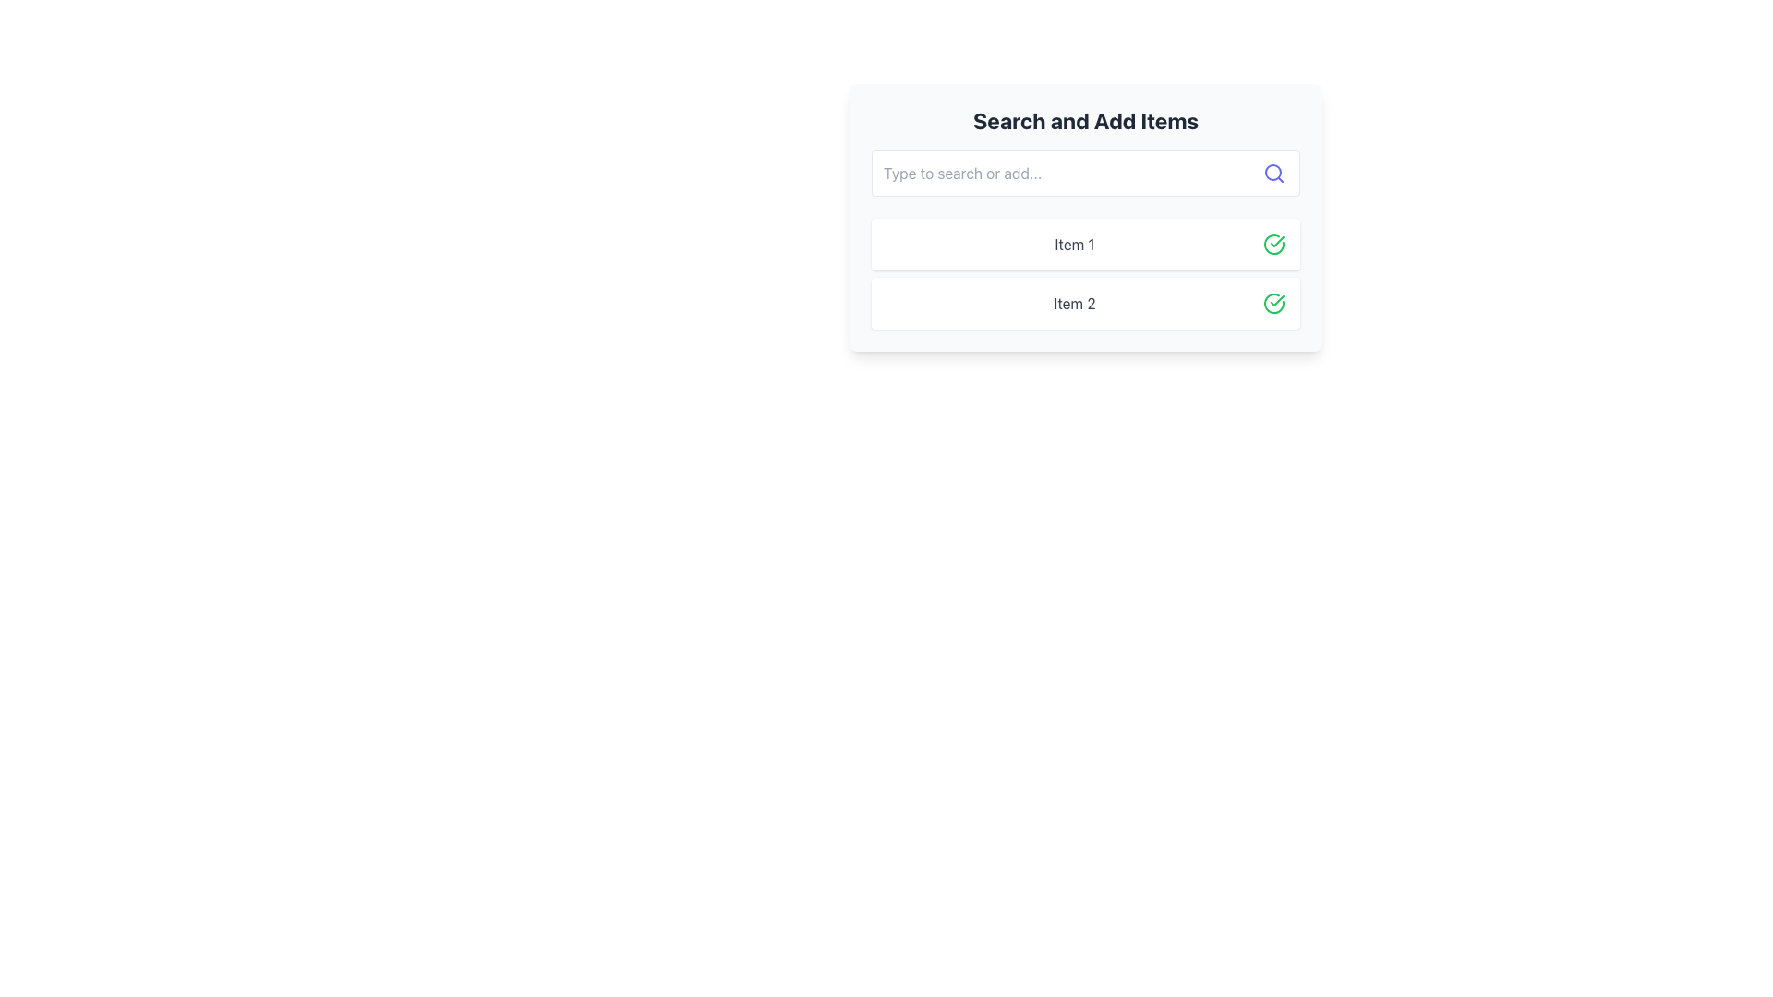 Image resolution: width=1773 pixels, height=997 pixels. I want to click on the first list item labeled 'Item 1' in the 'Search and Add Items' interface, so click(1086, 244).